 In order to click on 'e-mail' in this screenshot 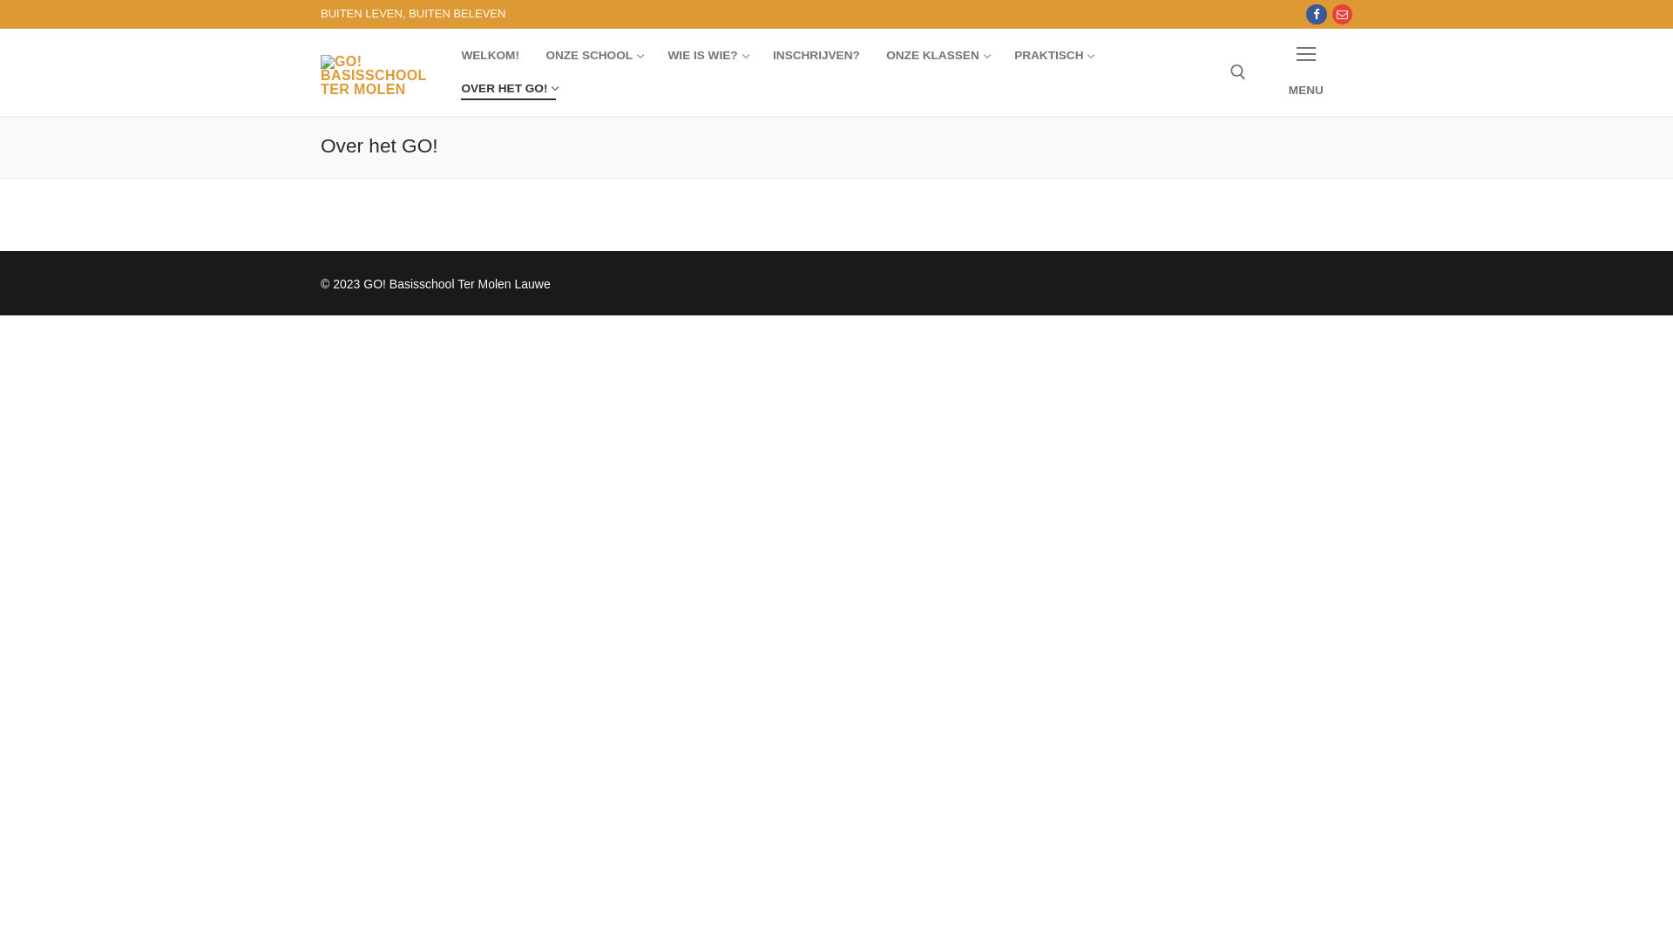, I will do `click(1341, 14)`.